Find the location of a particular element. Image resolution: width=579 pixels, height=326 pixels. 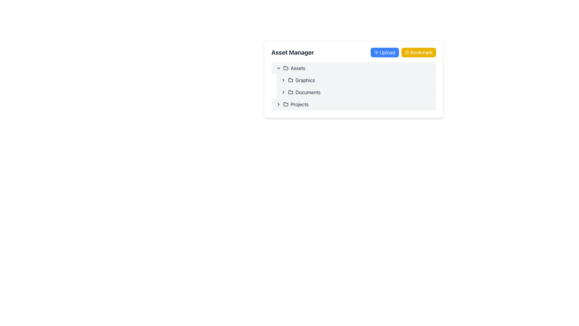

the star-shaped icon adjacent to the 'Bookmark' button on the top right of the interface is located at coordinates (407, 52).